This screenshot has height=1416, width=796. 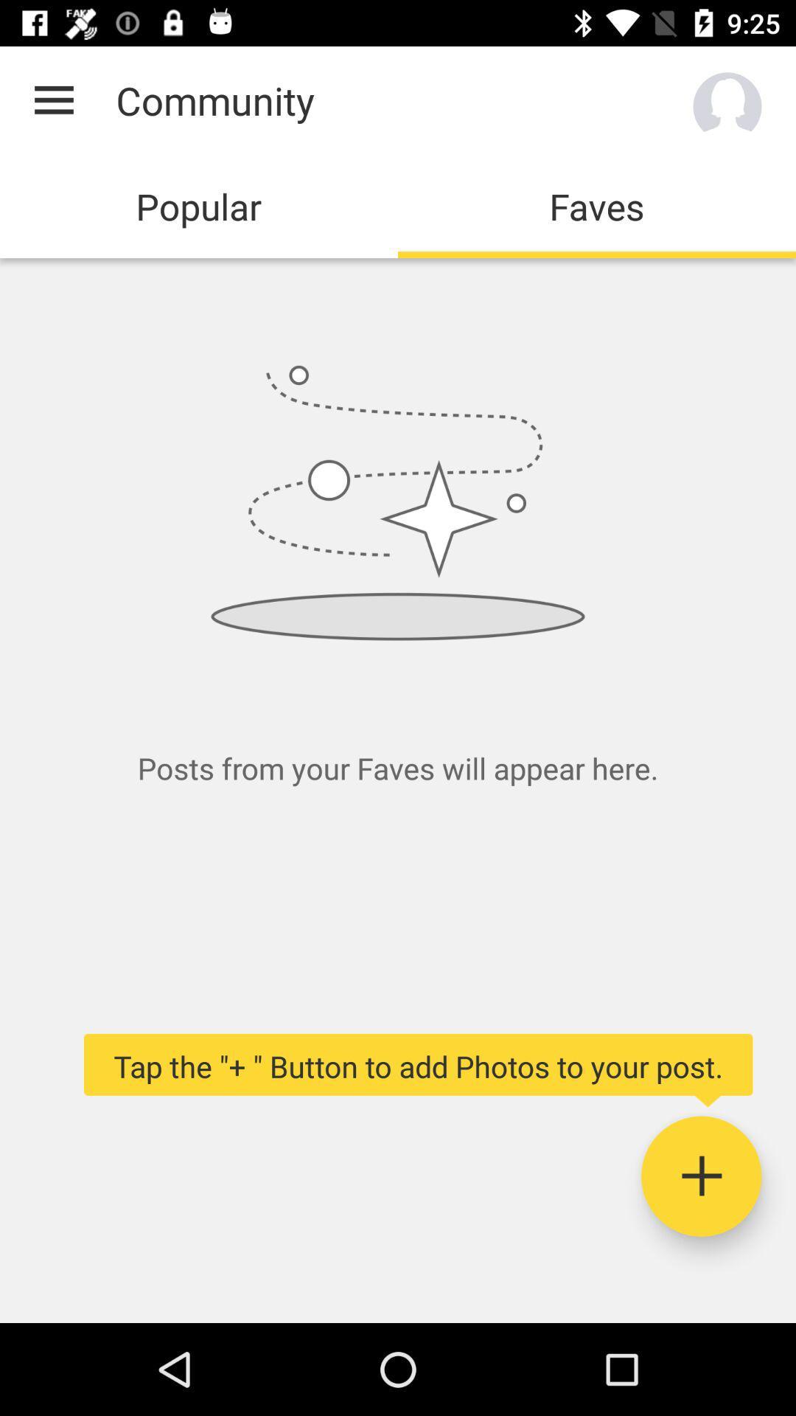 What do you see at coordinates (53, 100) in the screenshot?
I see `the app next to the community icon` at bounding box center [53, 100].